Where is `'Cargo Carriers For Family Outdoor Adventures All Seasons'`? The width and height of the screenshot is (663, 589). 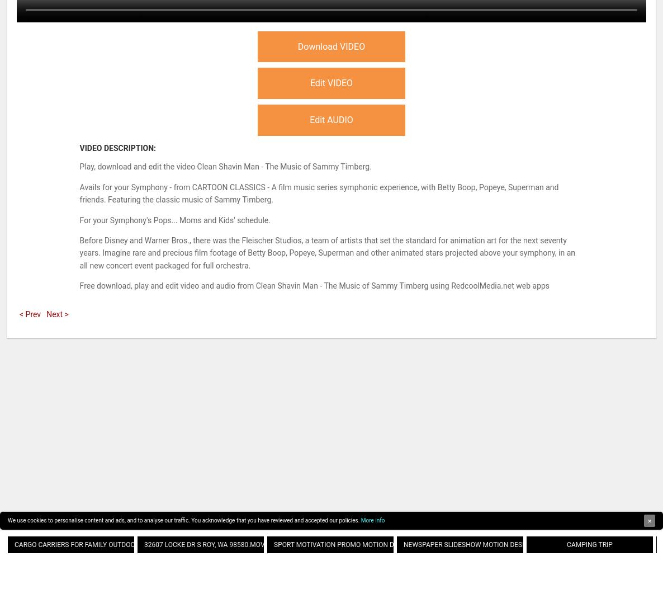 'Cargo Carriers For Family Outdoor Adventures All Seasons' is located at coordinates (120, 544).